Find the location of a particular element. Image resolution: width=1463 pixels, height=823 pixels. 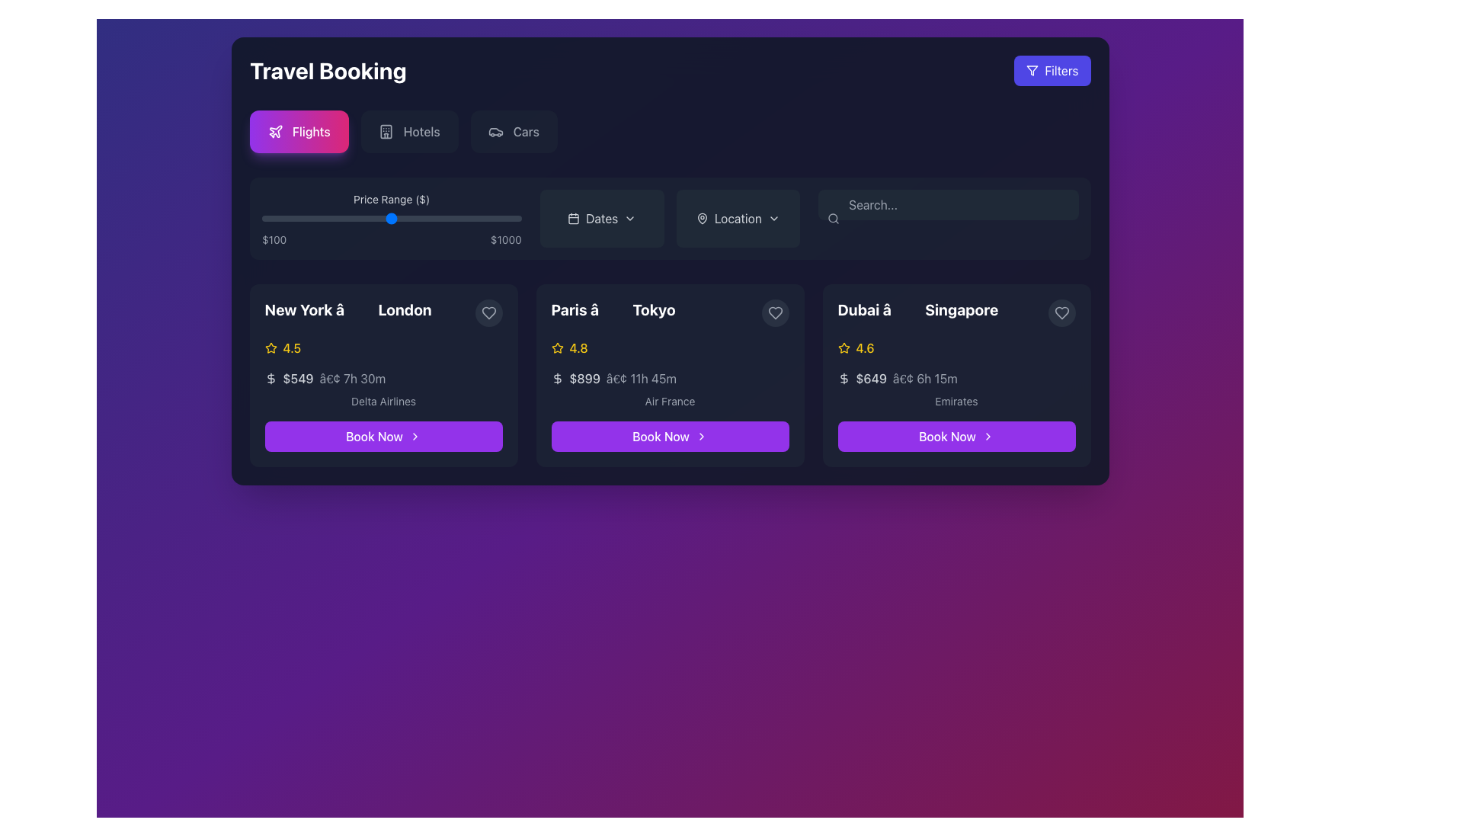

the 'Hotels' button, which is a rounded rectangular button with a dark background, located between the 'Flights' and 'Cars' buttons in the navigation bar at the top-center of the interface is located at coordinates (409, 131).